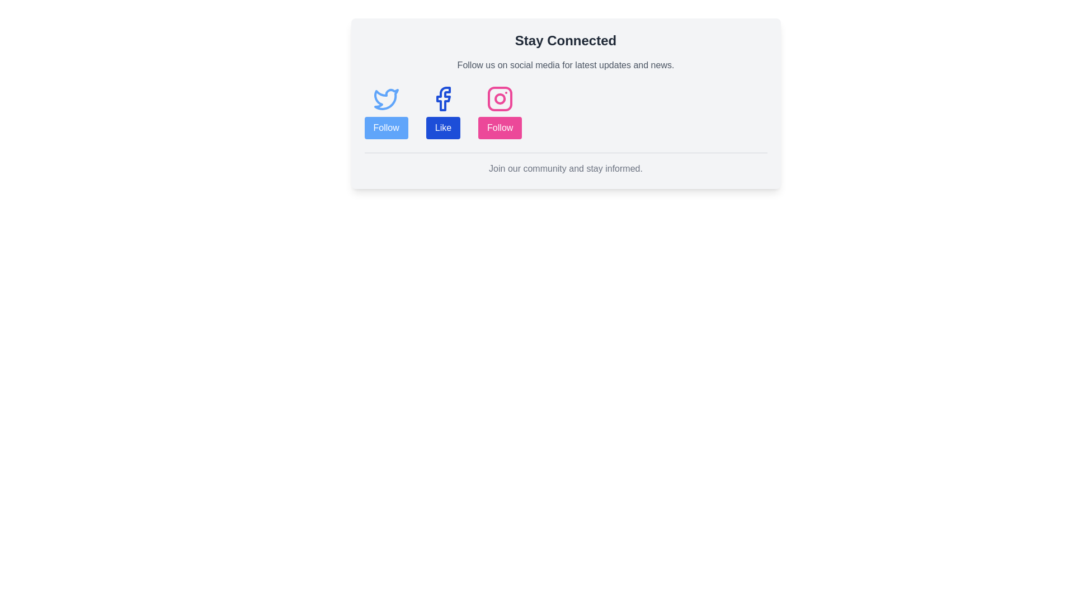 The width and height of the screenshot is (1074, 604). What do you see at coordinates (386, 127) in the screenshot?
I see `the 'Follow' button with a light blue background and white text` at bounding box center [386, 127].